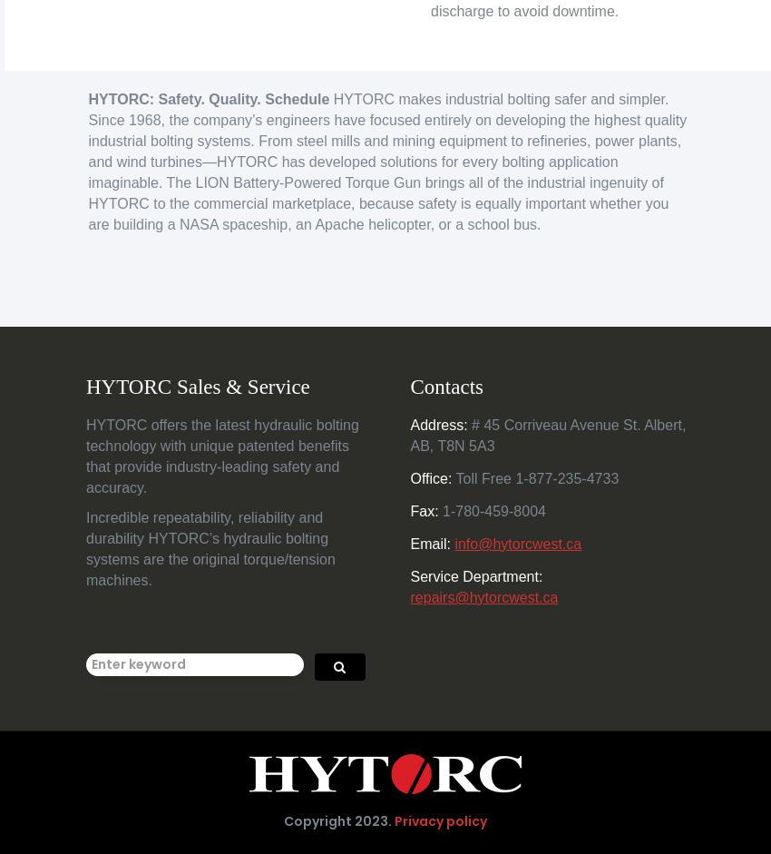 The height and width of the screenshot is (854, 771). What do you see at coordinates (490, 509) in the screenshot?
I see `'1-780-459-8004'` at bounding box center [490, 509].